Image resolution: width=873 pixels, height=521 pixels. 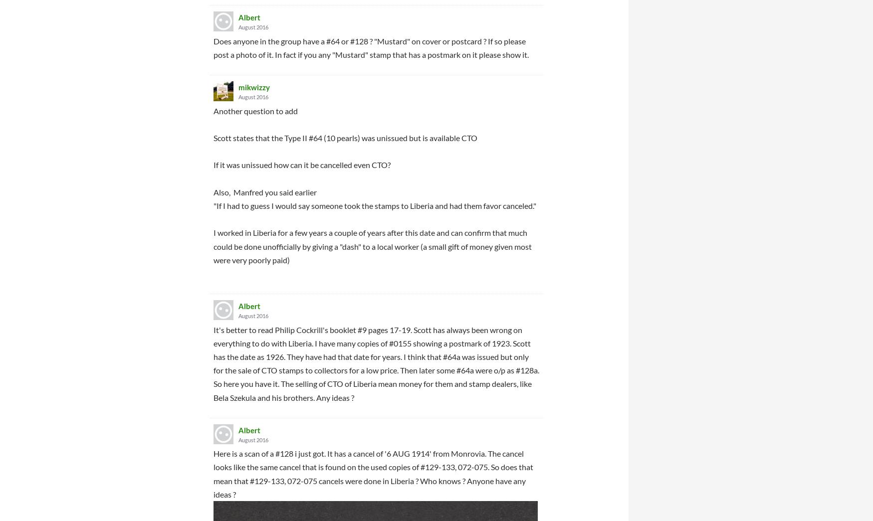 I want to click on 'If it was unissued how can it be cancelled even CTO?', so click(x=302, y=165).